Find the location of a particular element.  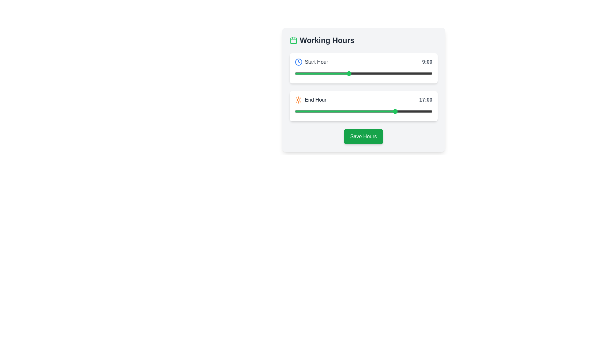

the Clock icon representing 'Start Hour' is located at coordinates (298, 62).